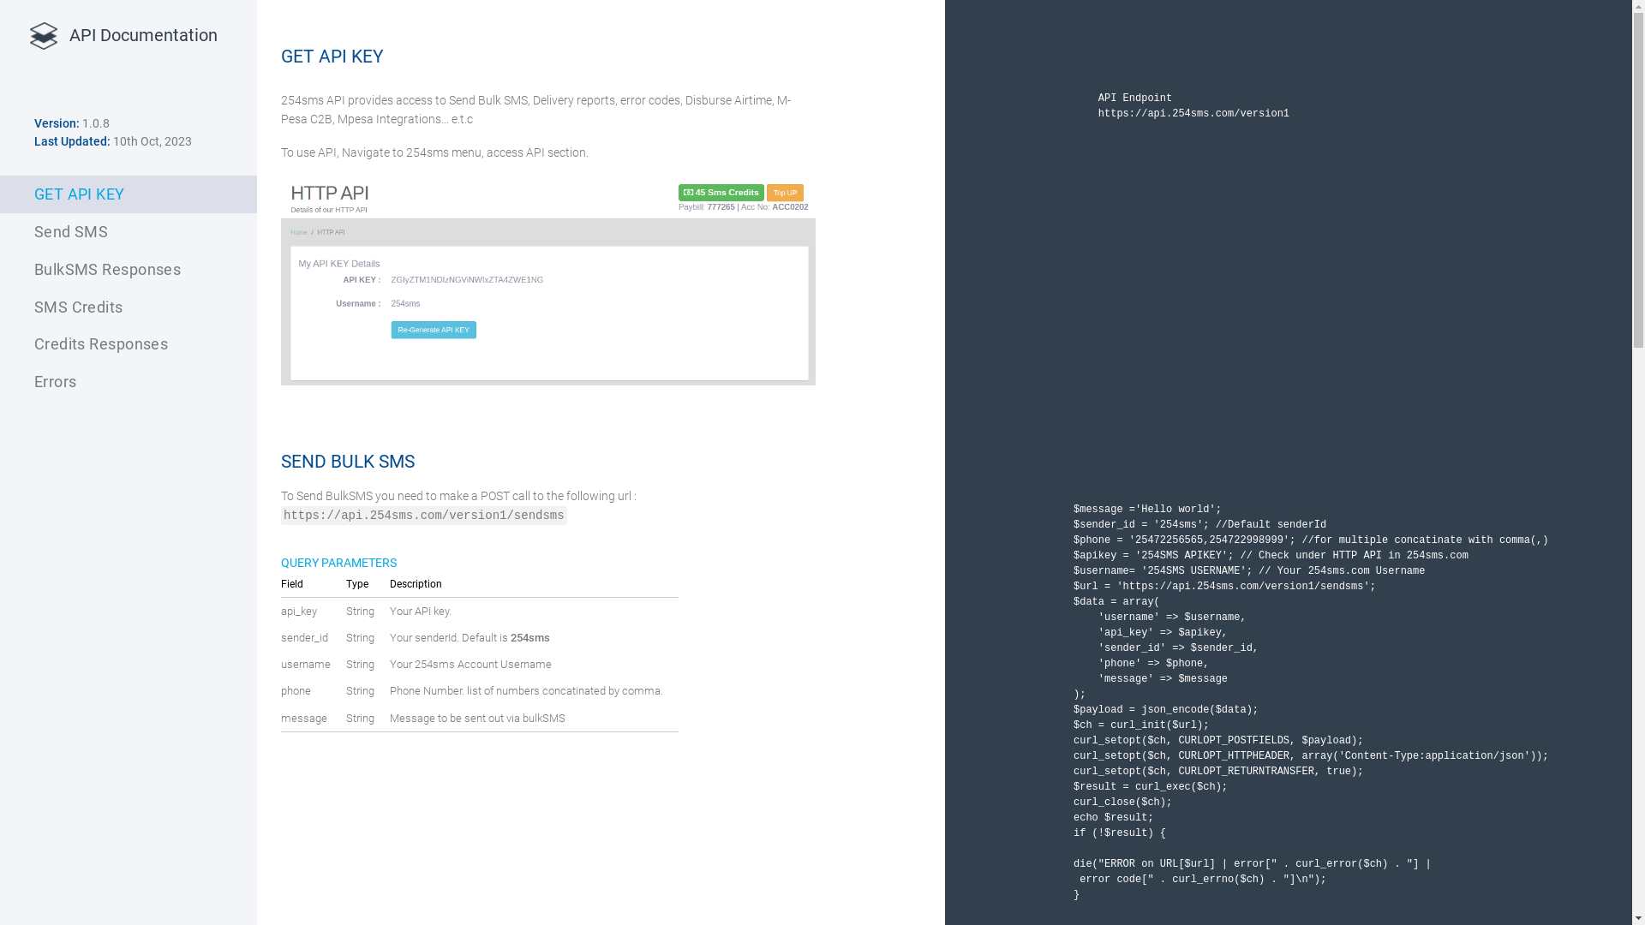 Image resolution: width=1645 pixels, height=925 pixels. What do you see at coordinates (0, 270) in the screenshot?
I see `'BulkSMS Responses'` at bounding box center [0, 270].